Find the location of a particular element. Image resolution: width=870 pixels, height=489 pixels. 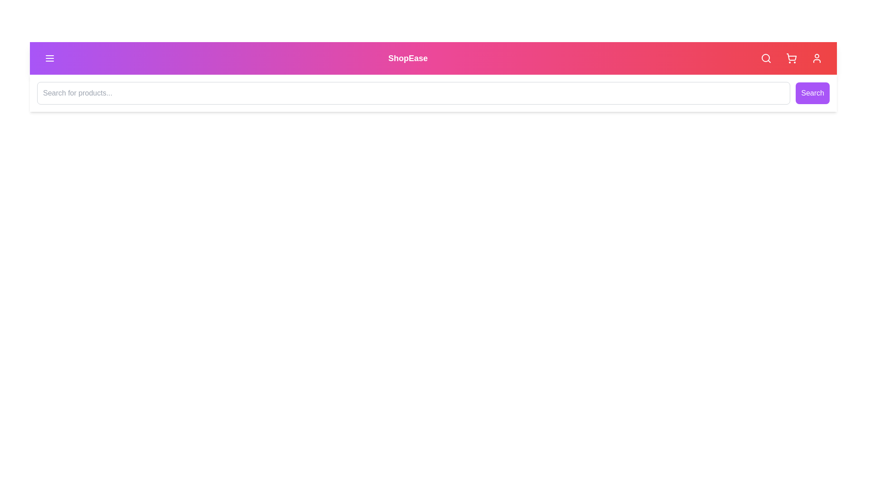

the 'User Profile' button to access the user profile is located at coordinates (817, 58).